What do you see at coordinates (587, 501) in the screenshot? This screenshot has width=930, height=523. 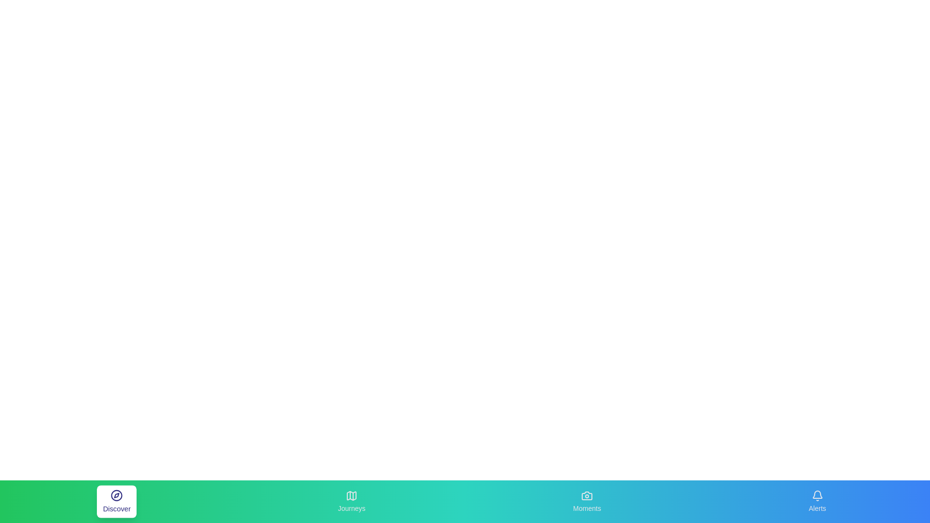 I see `the Moments tab by clicking on its icon or label` at bounding box center [587, 501].